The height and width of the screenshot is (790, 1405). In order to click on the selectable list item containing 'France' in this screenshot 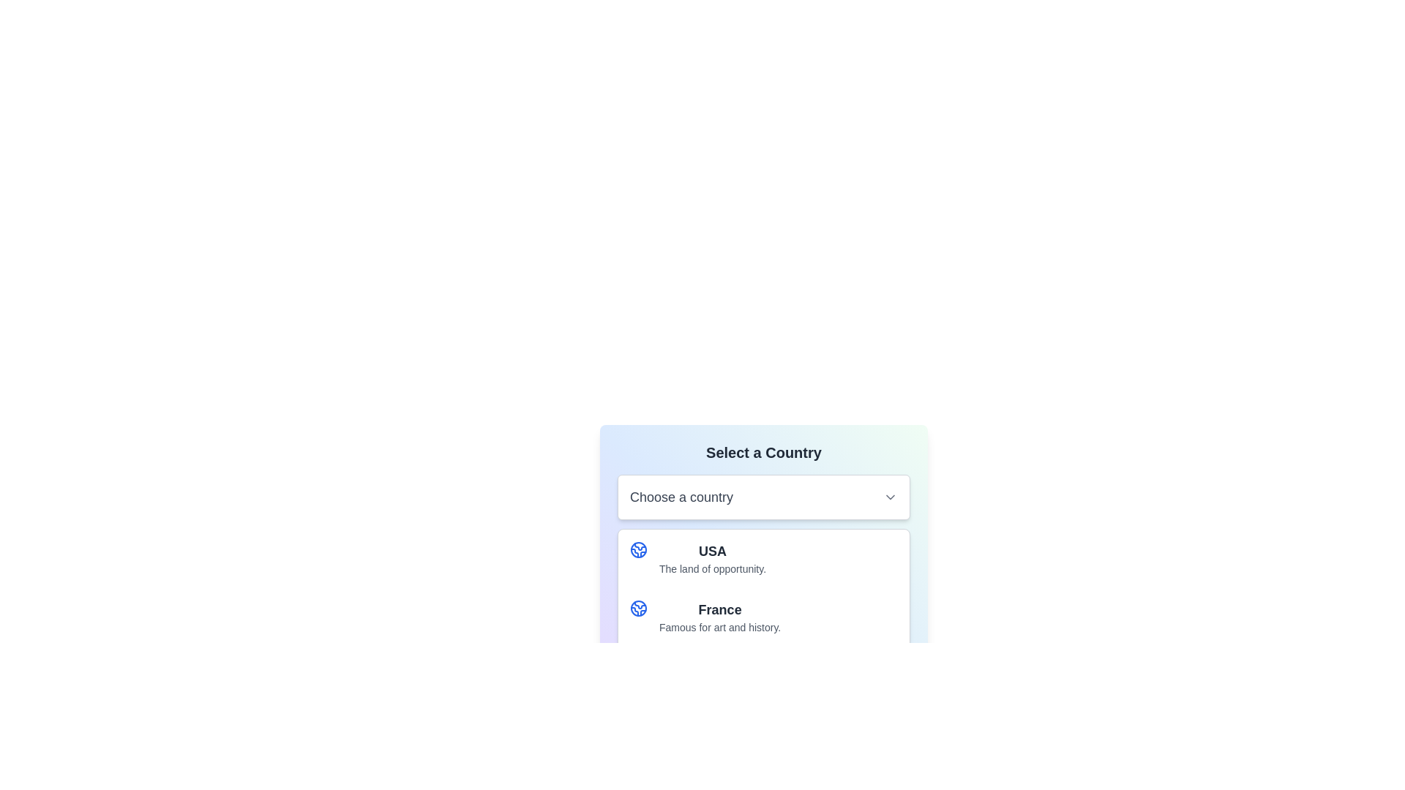, I will do `click(763, 617)`.